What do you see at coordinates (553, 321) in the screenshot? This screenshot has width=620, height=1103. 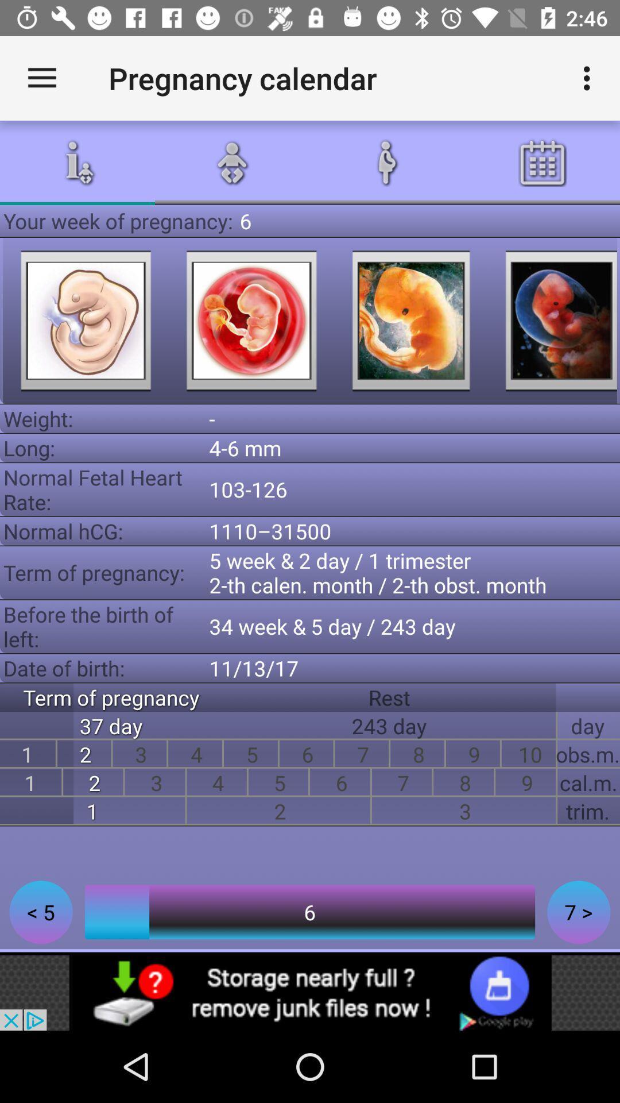 I see `pregnancy calendar` at bounding box center [553, 321].